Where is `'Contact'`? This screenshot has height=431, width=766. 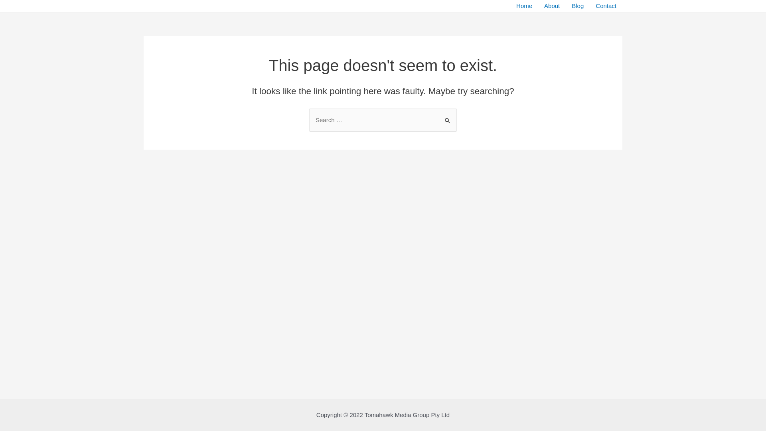
'Contact' is located at coordinates (606, 6).